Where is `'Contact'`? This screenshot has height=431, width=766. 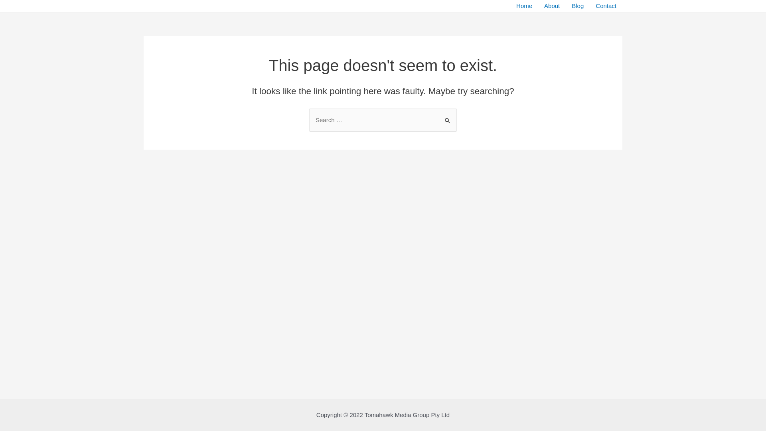
'Contact' is located at coordinates (606, 6).